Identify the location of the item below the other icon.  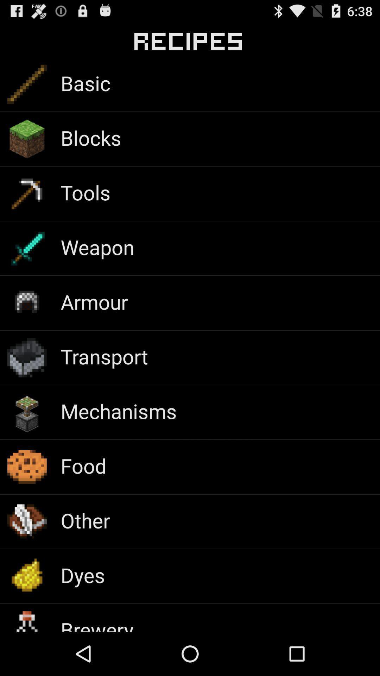
(82, 575).